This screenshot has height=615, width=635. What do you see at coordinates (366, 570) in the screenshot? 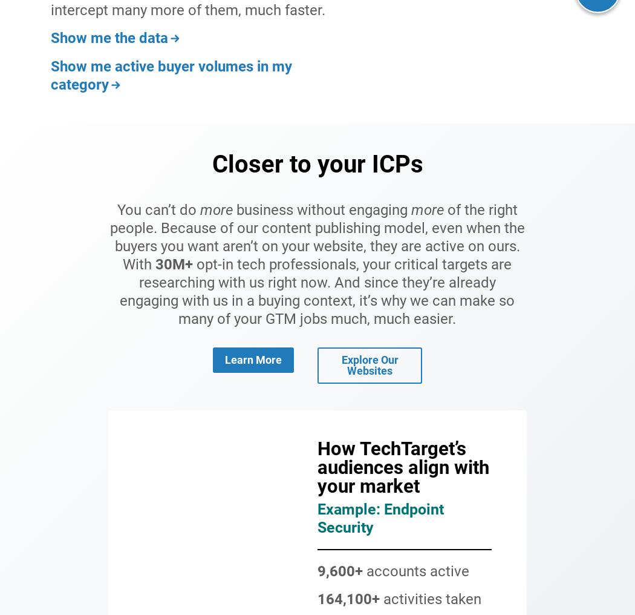
I see `'accounts active'` at bounding box center [366, 570].